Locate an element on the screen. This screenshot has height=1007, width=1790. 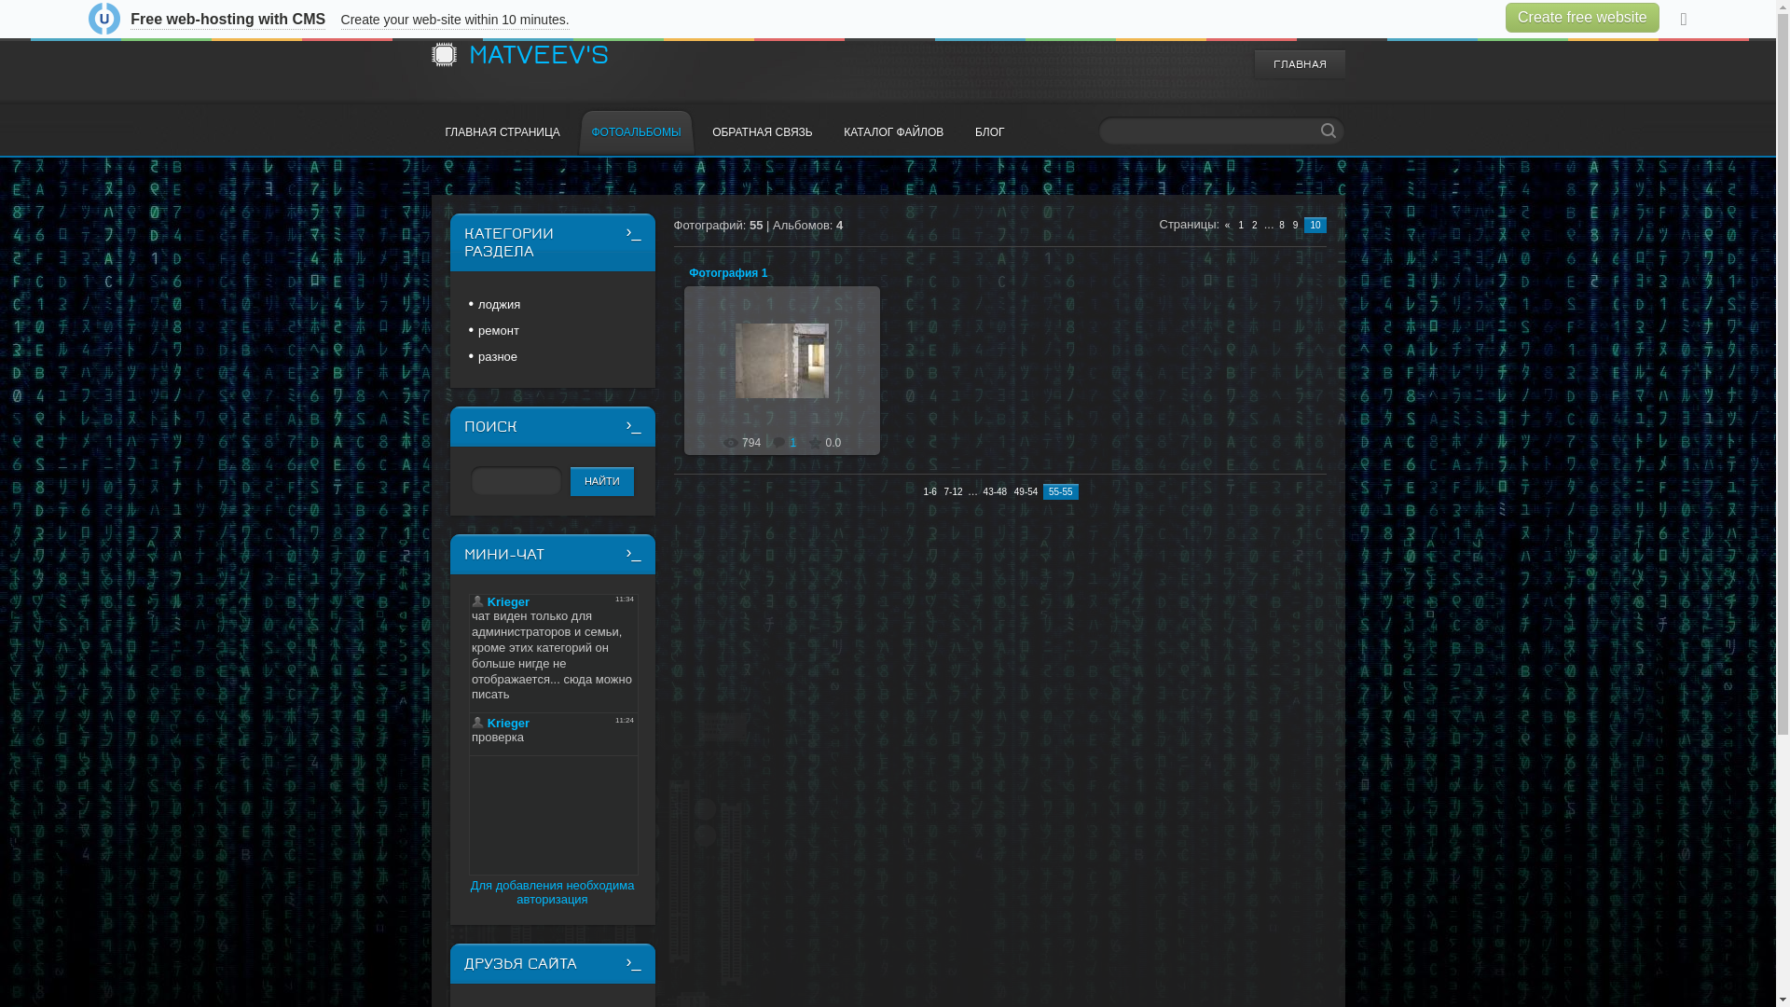
'49-54' is located at coordinates (1011, 490).